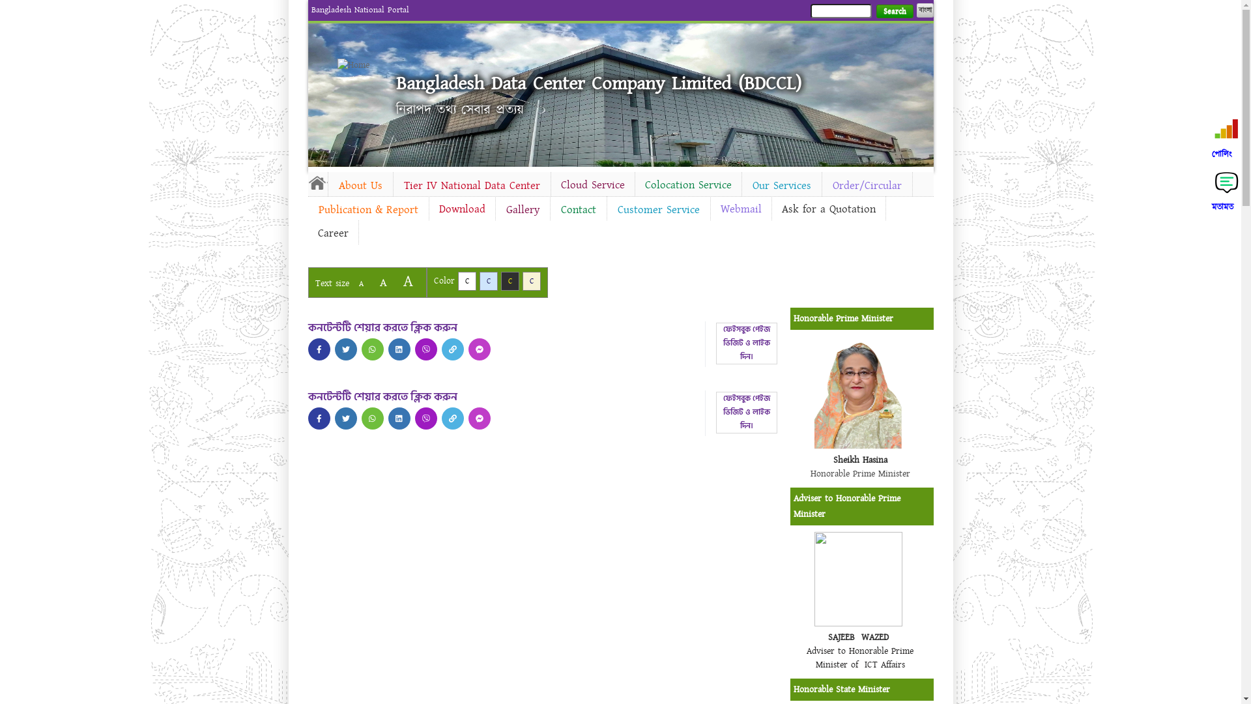 The image size is (1251, 704). I want to click on 'Gallery', so click(494, 209).